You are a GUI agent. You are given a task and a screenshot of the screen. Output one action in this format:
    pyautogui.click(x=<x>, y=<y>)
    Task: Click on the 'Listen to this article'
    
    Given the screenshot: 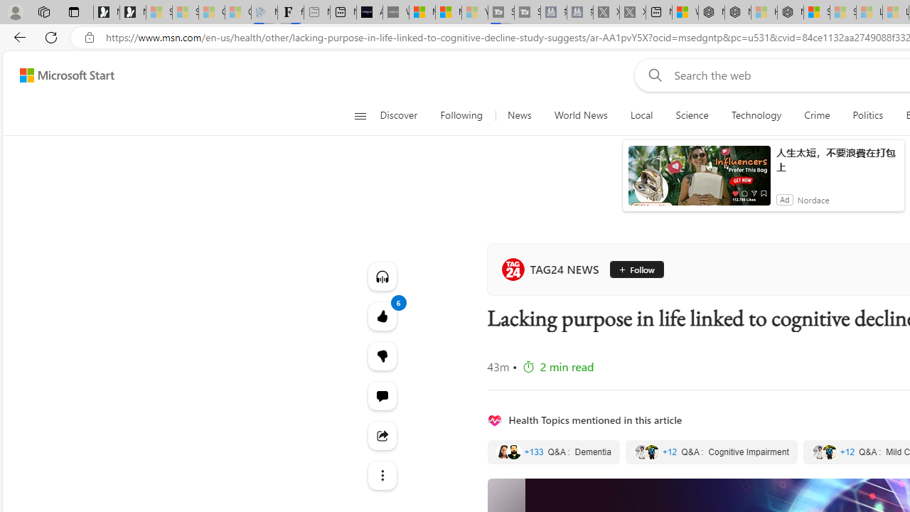 What is the action you would take?
    pyautogui.click(x=382, y=276)
    